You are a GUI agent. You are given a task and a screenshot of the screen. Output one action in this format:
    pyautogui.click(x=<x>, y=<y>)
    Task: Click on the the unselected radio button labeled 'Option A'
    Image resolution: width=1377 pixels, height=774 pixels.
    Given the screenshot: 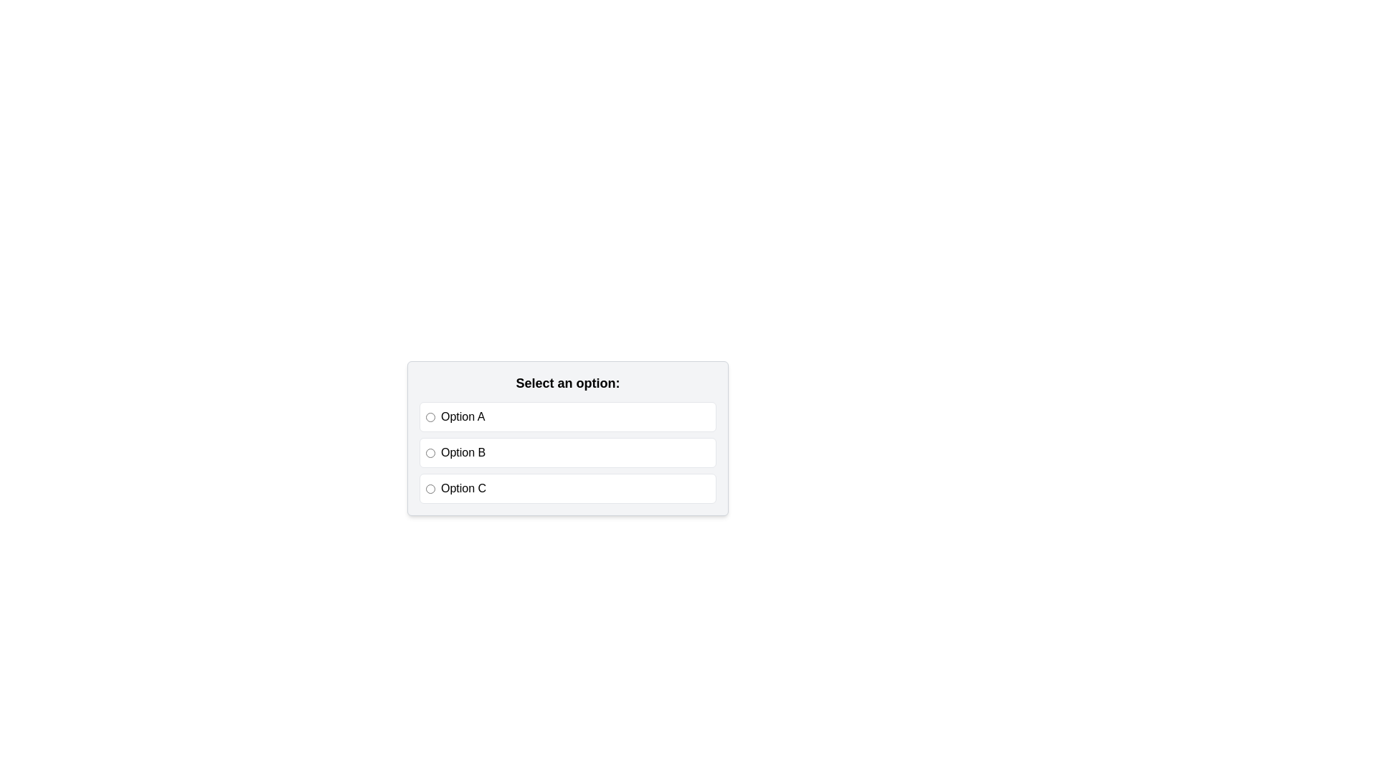 What is the action you would take?
    pyautogui.click(x=567, y=417)
    